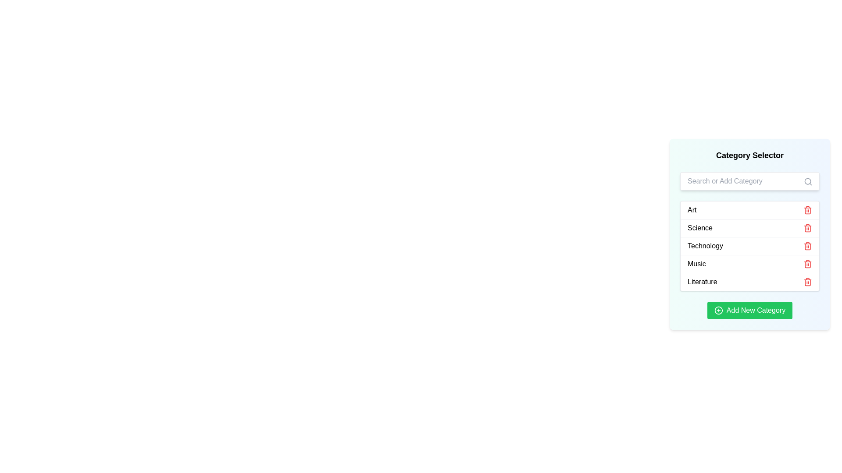 This screenshot has height=473, width=842. I want to click on the search icon, which is a magnifying glass styled with a thin outline, located within the text input field labeled 'Search or Add Category', positioned at the far-right of the input box, so click(808, 181).